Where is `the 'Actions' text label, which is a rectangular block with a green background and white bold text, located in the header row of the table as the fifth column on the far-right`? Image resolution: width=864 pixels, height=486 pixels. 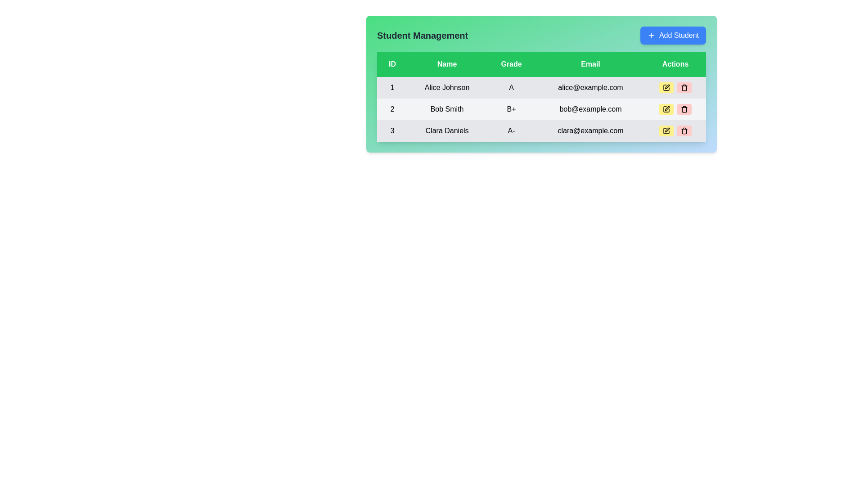
the 'Actions' text label, which is a rectangular block with a green background and white bold text, located in the header row of the table as the fifth column on the far-right is located at coordinates (675, 63).